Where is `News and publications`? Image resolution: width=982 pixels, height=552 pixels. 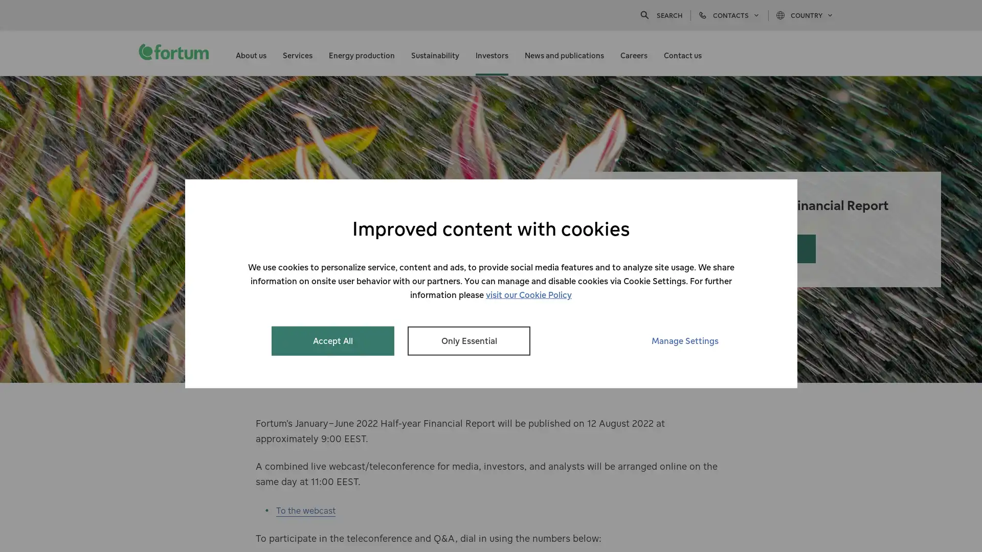
News and publications is located at coordinates (564, 53).